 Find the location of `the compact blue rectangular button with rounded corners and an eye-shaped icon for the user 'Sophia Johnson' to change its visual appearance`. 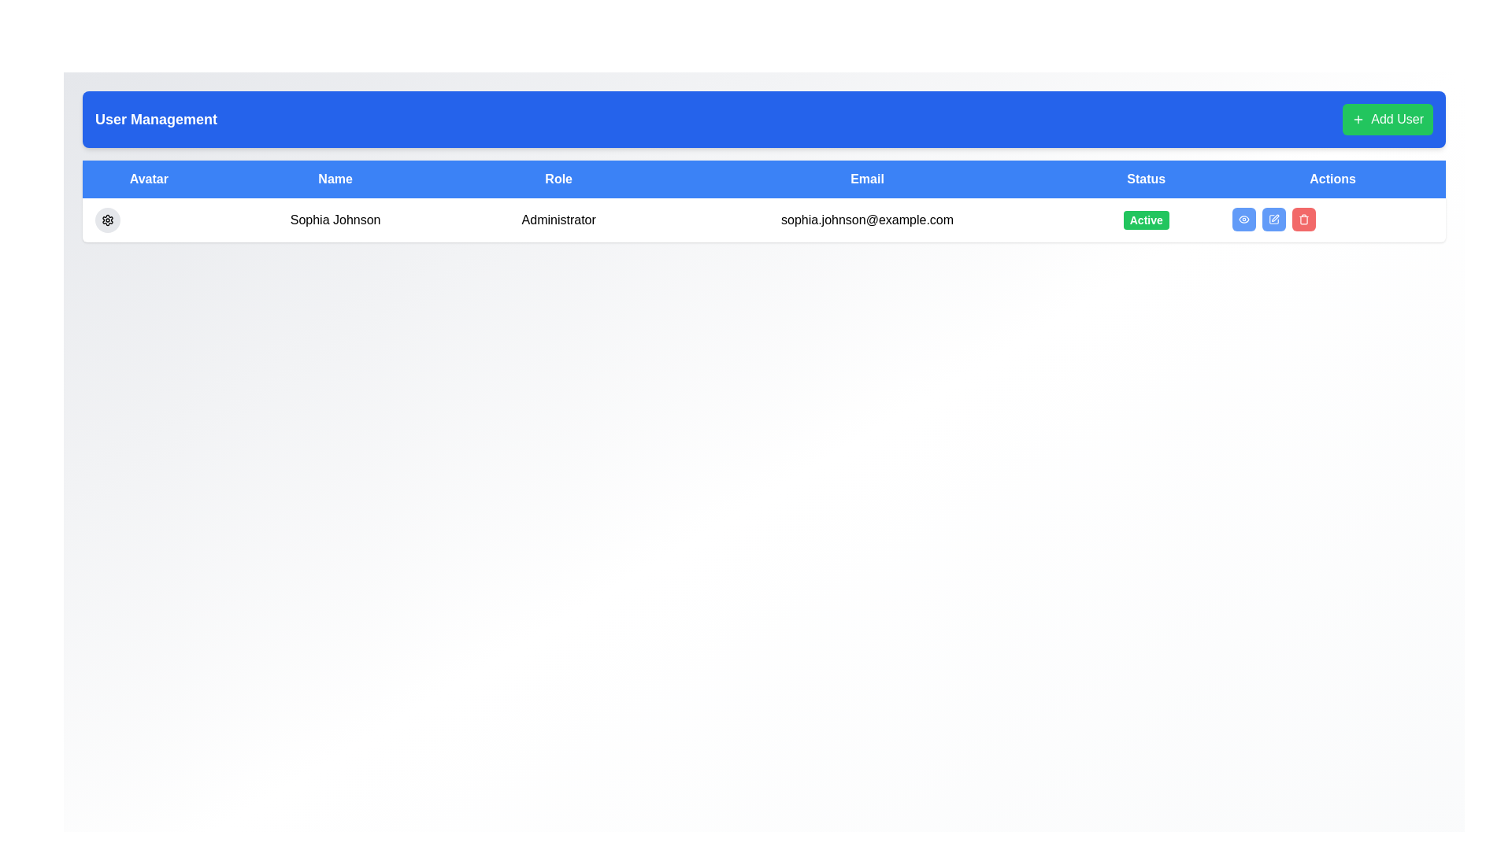

the compact blue rectangular button with rounded corners and an eye-shaped icon for the user 'Sophia Johnson' to change its visual appearance is located at coordinates (1243, 219).